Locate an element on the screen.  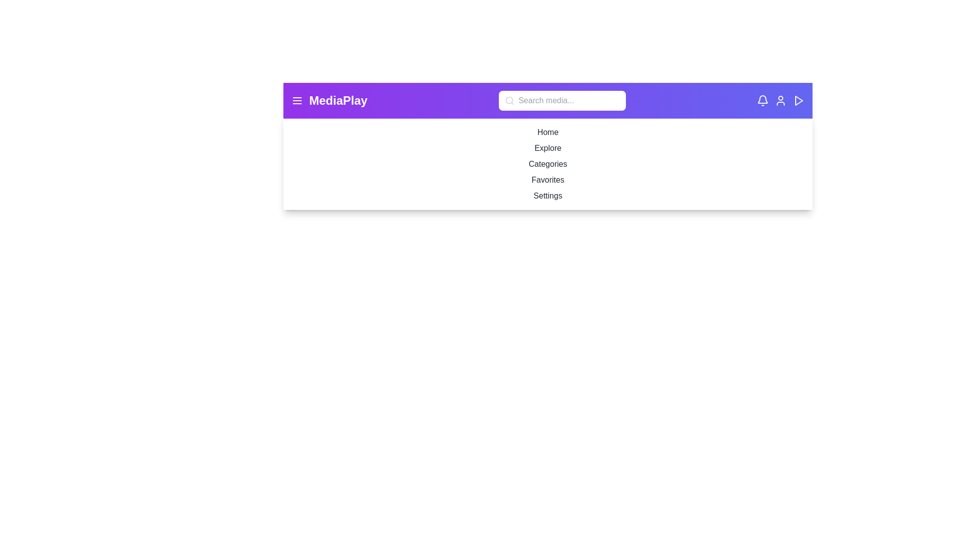
the 'Categories' text label, which is the third item in a vertical list of navigation options is located at coordinates (547, 164).